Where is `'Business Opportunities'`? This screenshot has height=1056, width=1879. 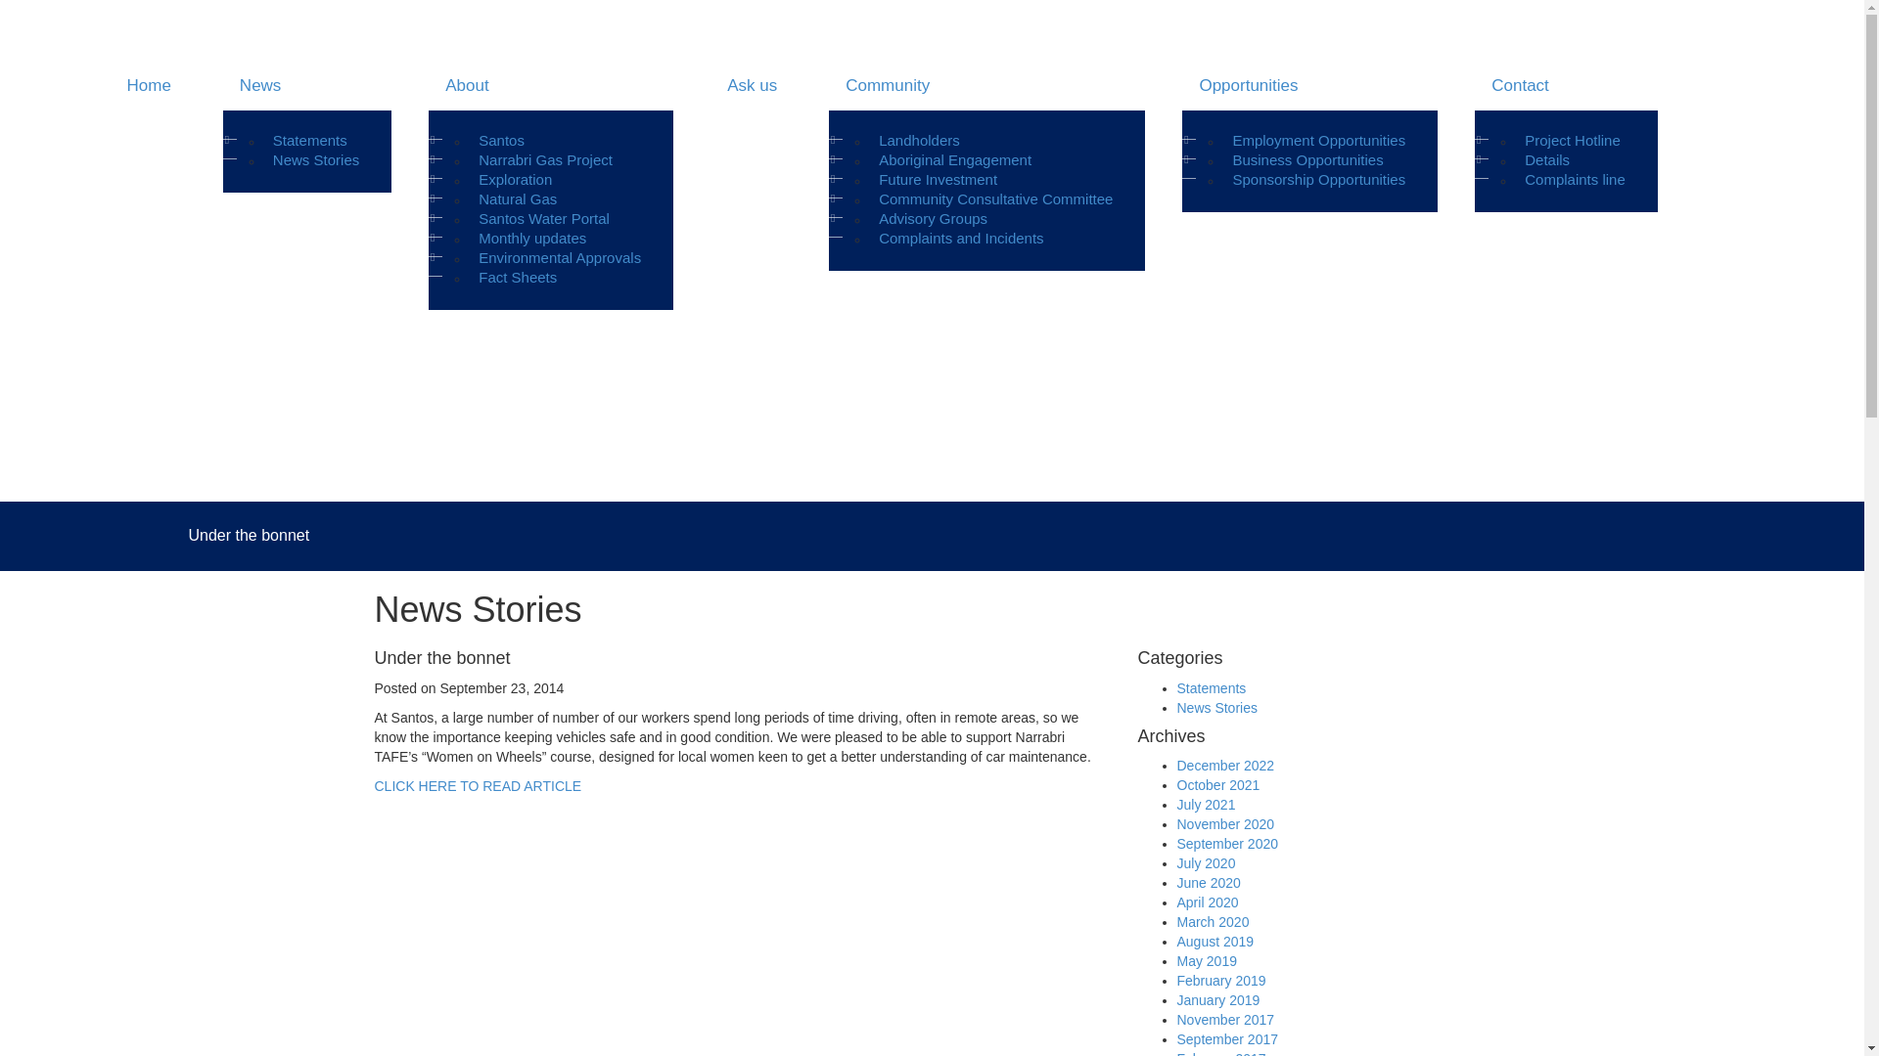
'Business Opportunities' is located at coordinates (1221, 159).